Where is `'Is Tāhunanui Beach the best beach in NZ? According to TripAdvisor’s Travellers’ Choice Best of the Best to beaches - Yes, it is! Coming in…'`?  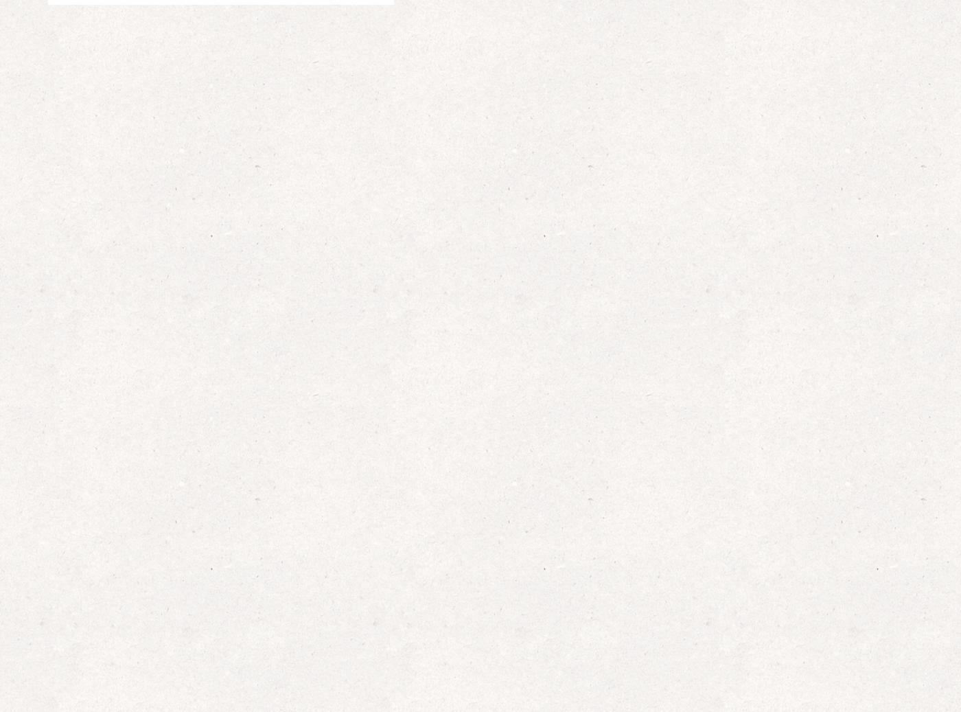
'Is Tāhunanui Beach the best beach in NZ? According to TripAdvisor’s Travellers’ Choice Best of the Best to beaches - Yes, it is! Coming in…' is located at coordinates (739, 609).